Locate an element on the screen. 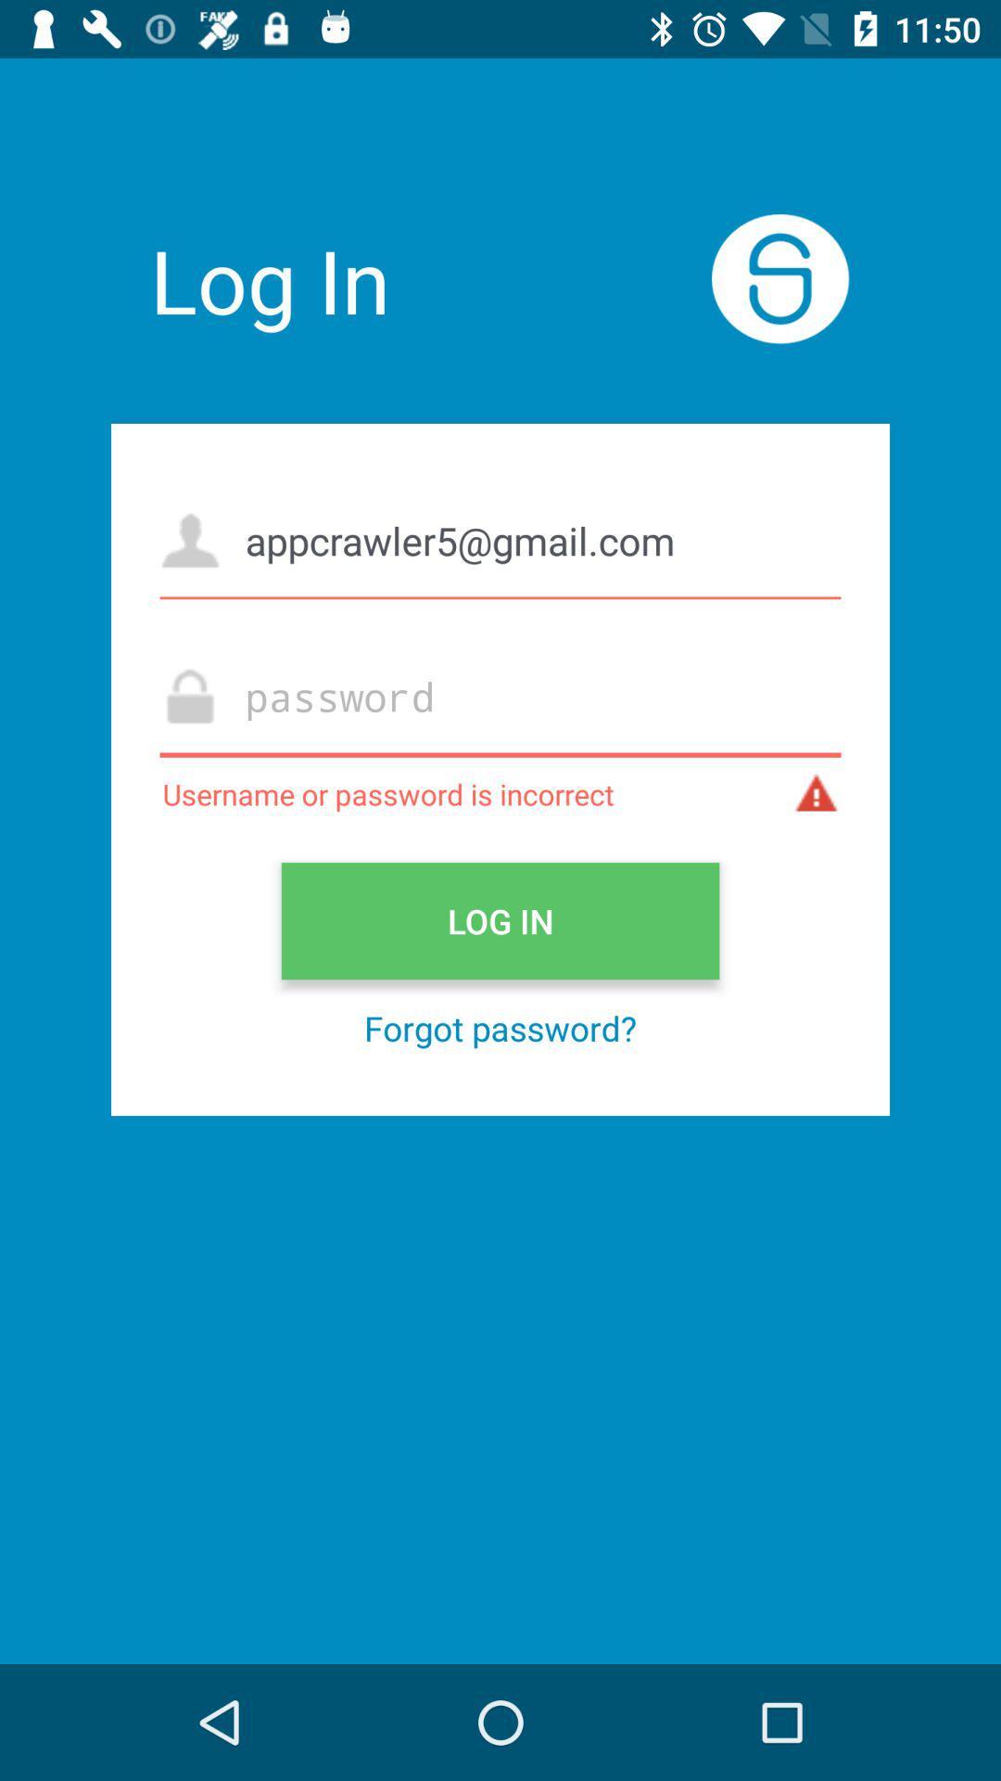  the appcrawler5@gmail.com is located at coordinates (500, 539).